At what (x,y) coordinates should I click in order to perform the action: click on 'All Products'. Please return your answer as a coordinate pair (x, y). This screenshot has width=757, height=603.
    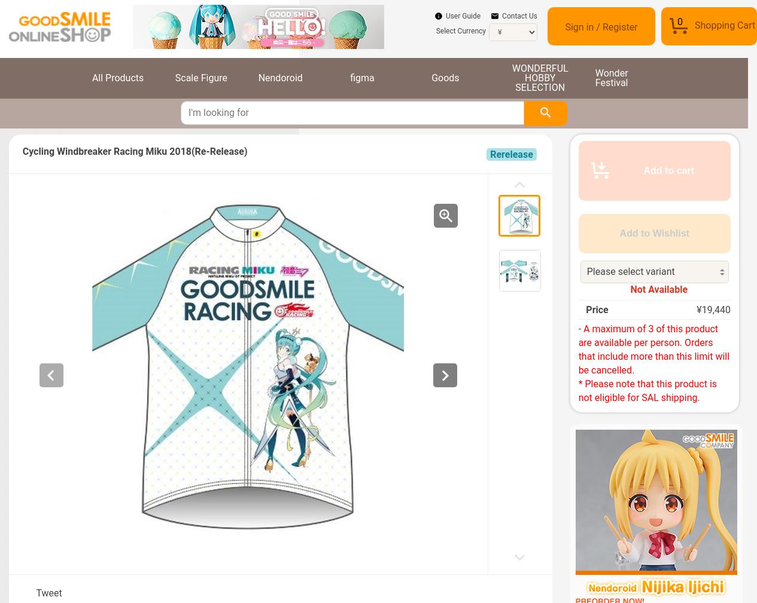
    Looking at the image, I should click on (117, 76).